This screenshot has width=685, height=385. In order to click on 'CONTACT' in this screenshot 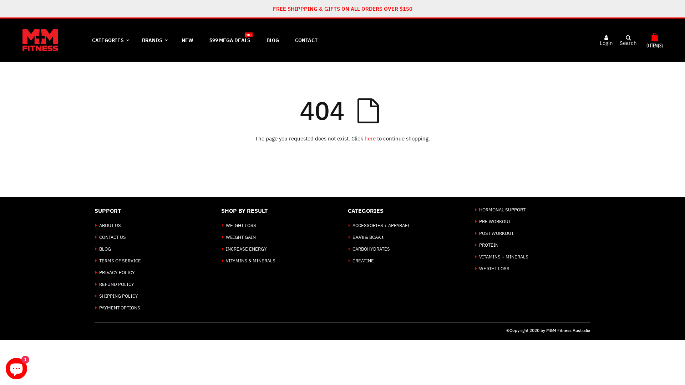, I will do `click(289, 40)`.